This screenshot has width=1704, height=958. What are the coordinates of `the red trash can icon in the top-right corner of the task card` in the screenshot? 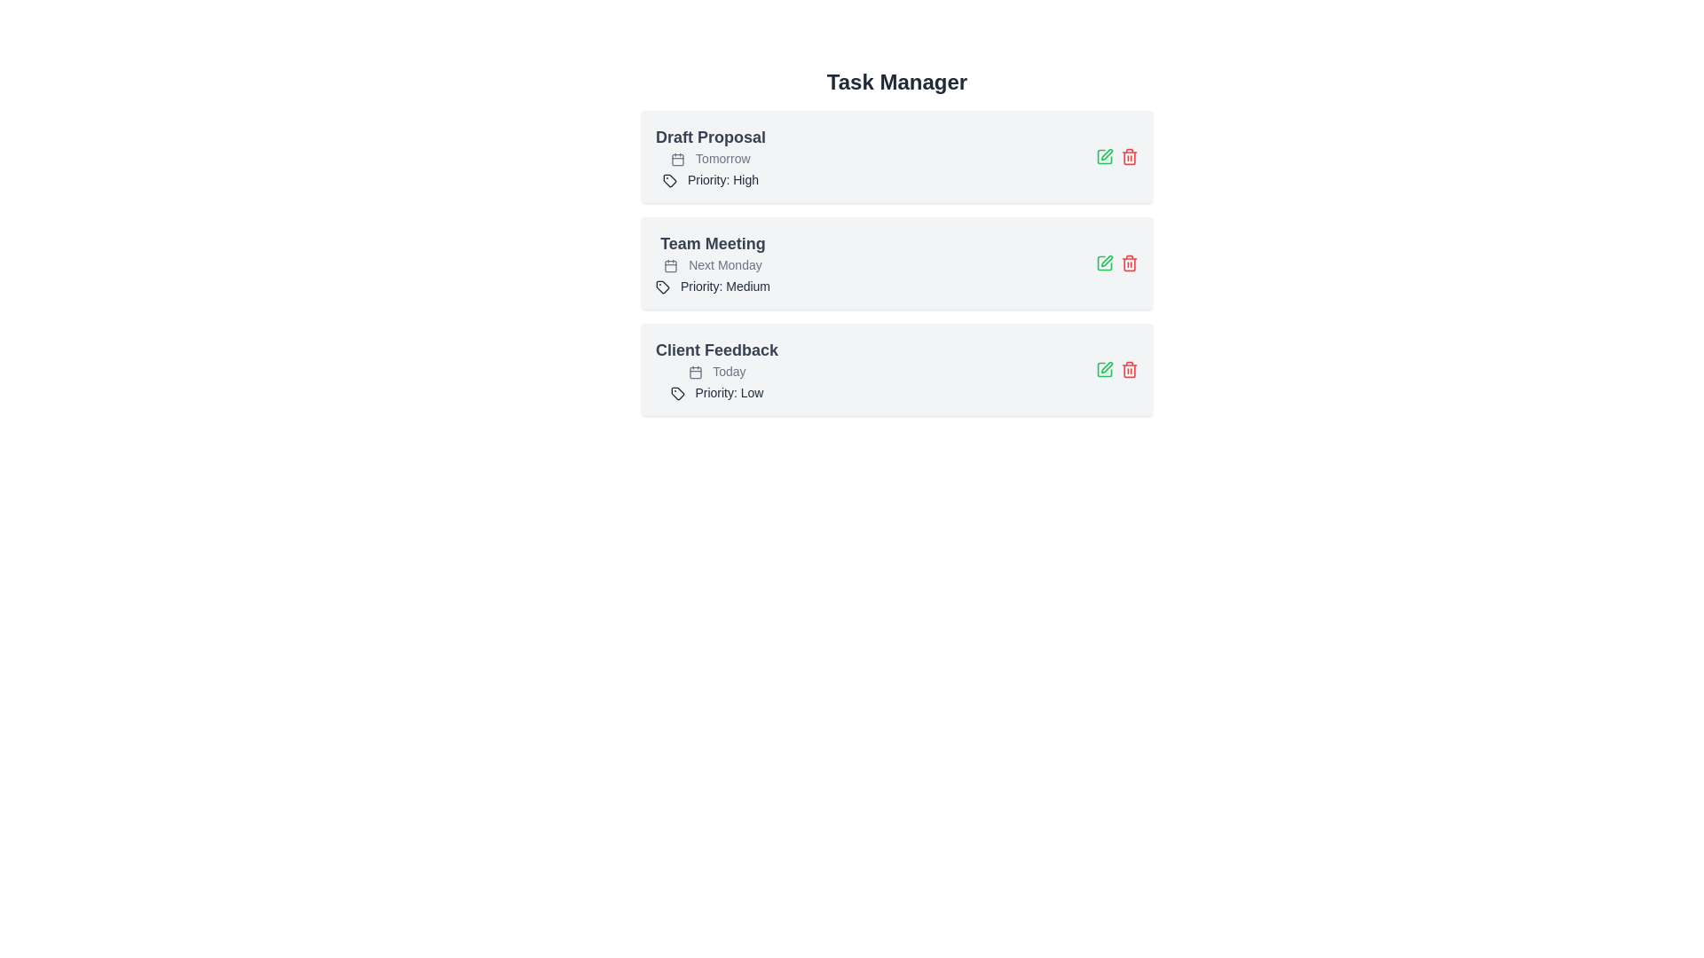 It's located at (1128, 156).